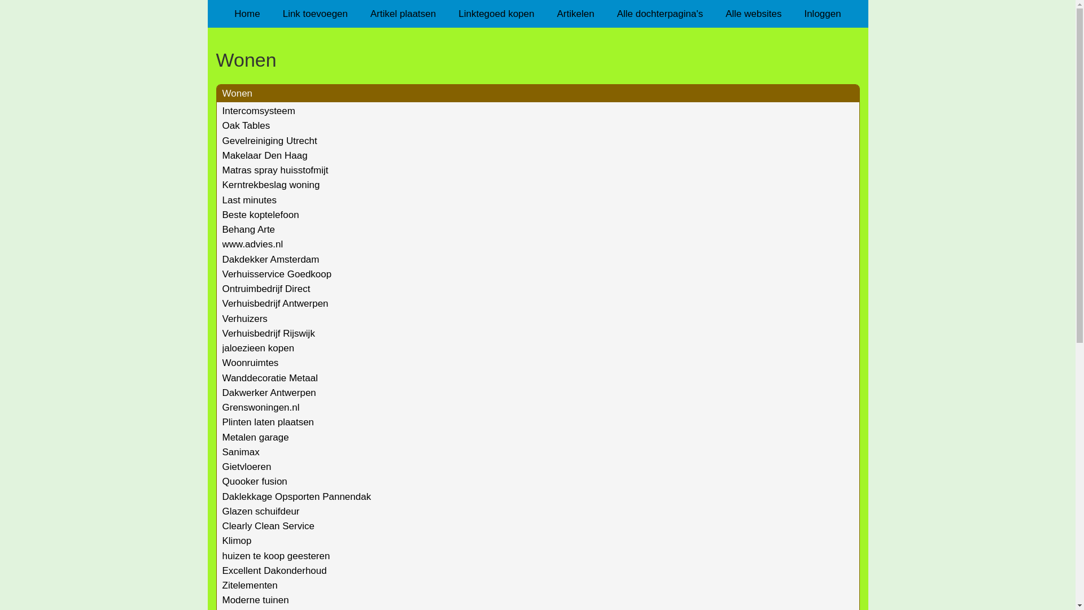 This screenshot has width=1084, height=610. I want to click on 'Oak Tables', so click(246, 125).